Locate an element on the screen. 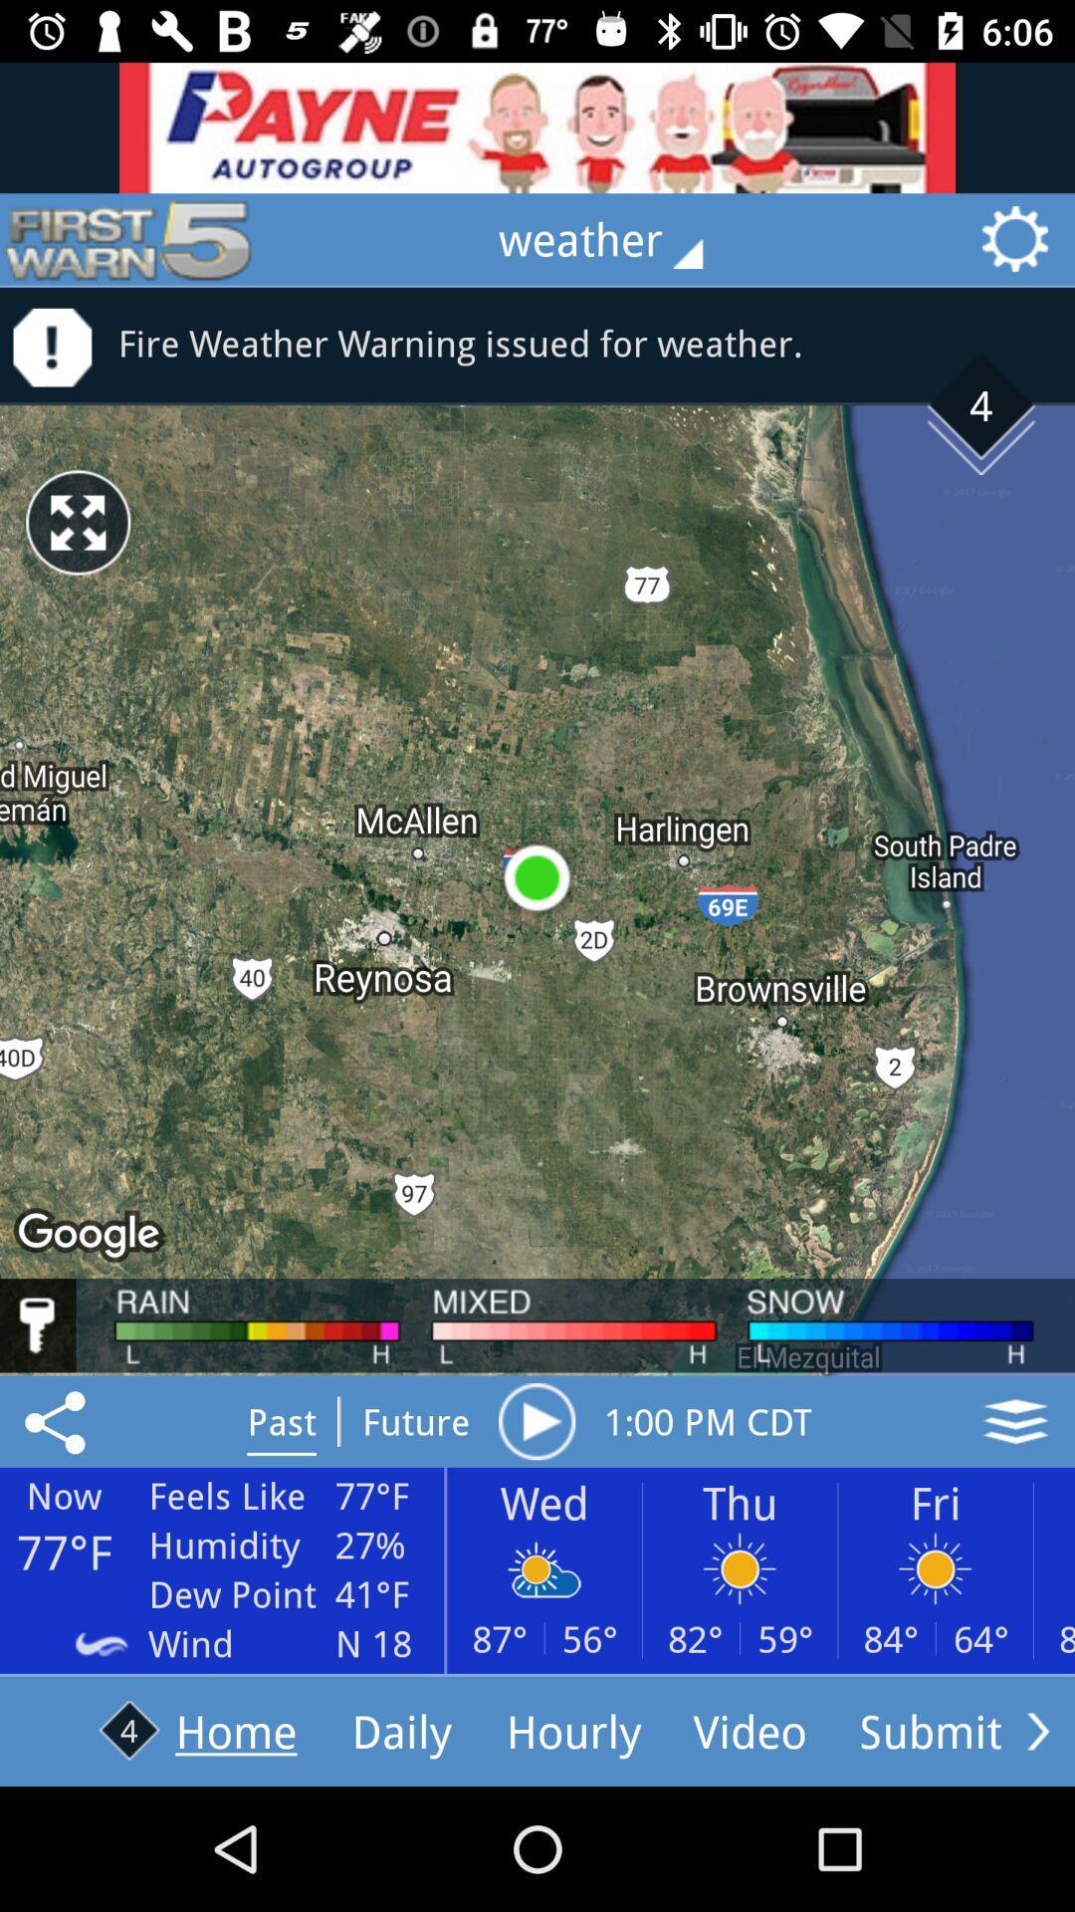 Image resolution: width=1075 pixels, height=1912 pixels. advertisement is located at coordinates (537, 126).